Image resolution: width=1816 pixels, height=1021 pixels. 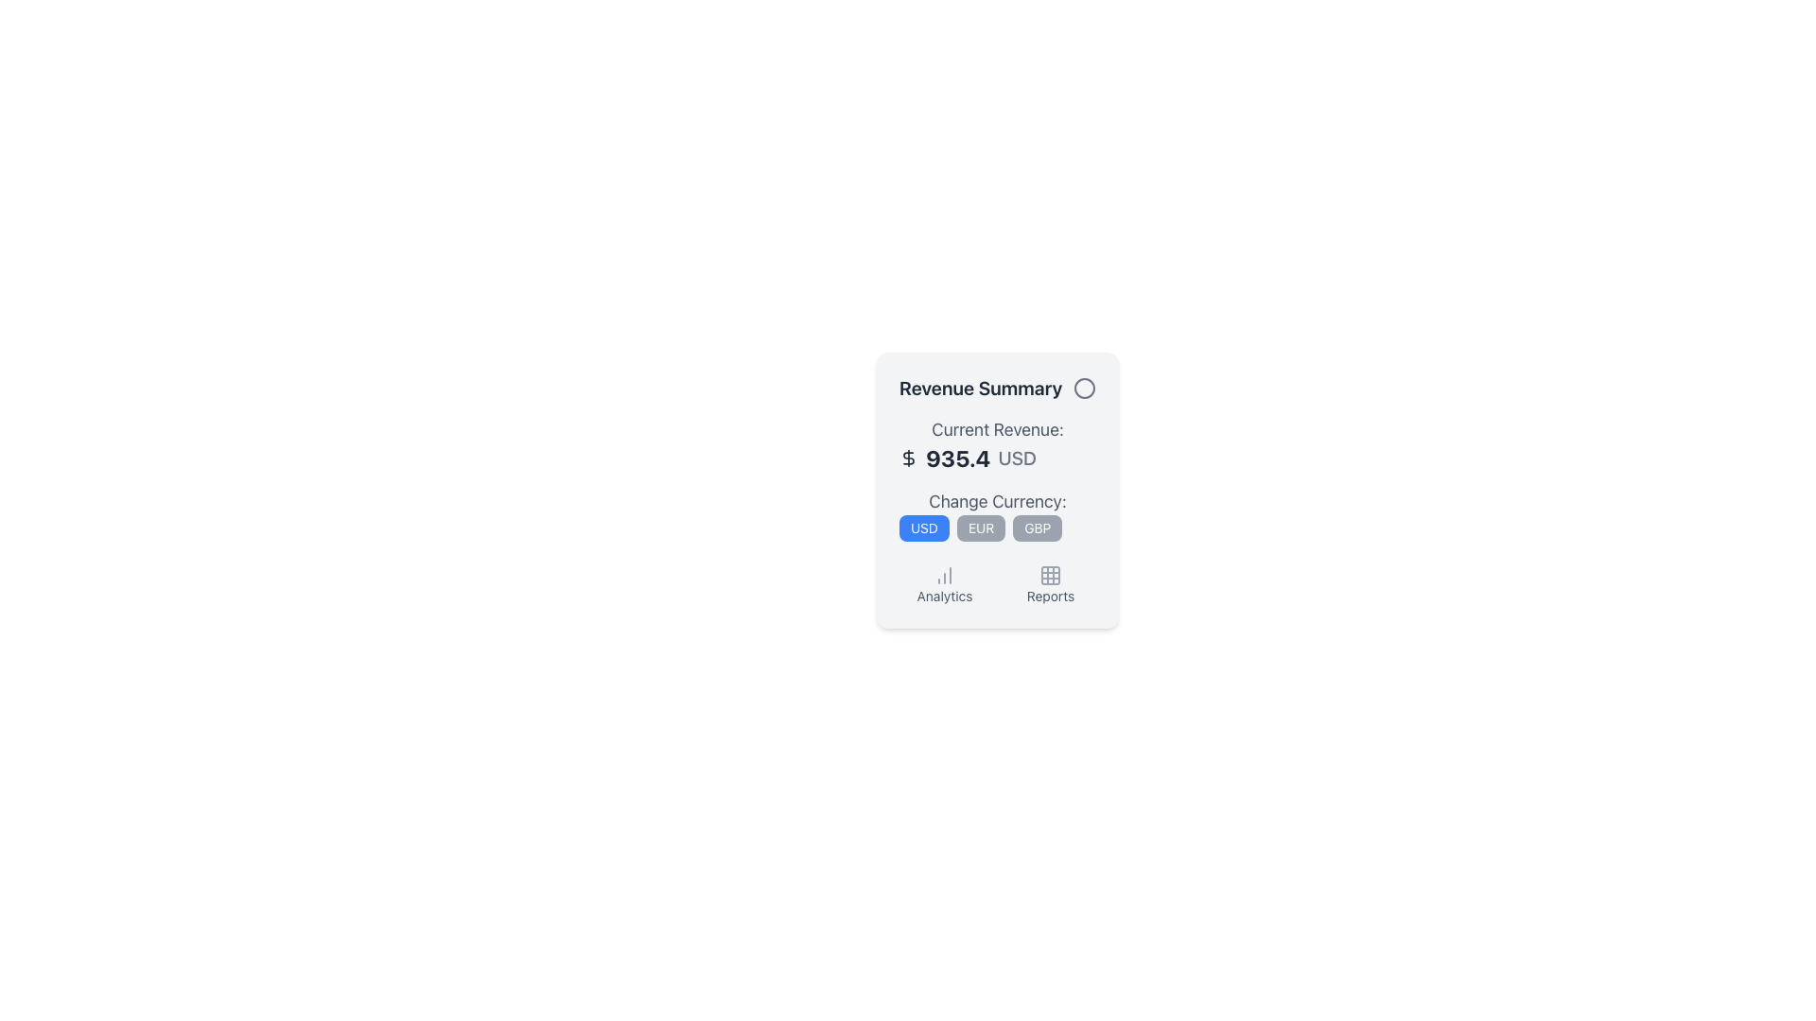 What do you see at coordinates (944, 575) in the screenshot?
I see `the gray bar chart icon representing 'Analytics'` at bounding box center [944, 575].